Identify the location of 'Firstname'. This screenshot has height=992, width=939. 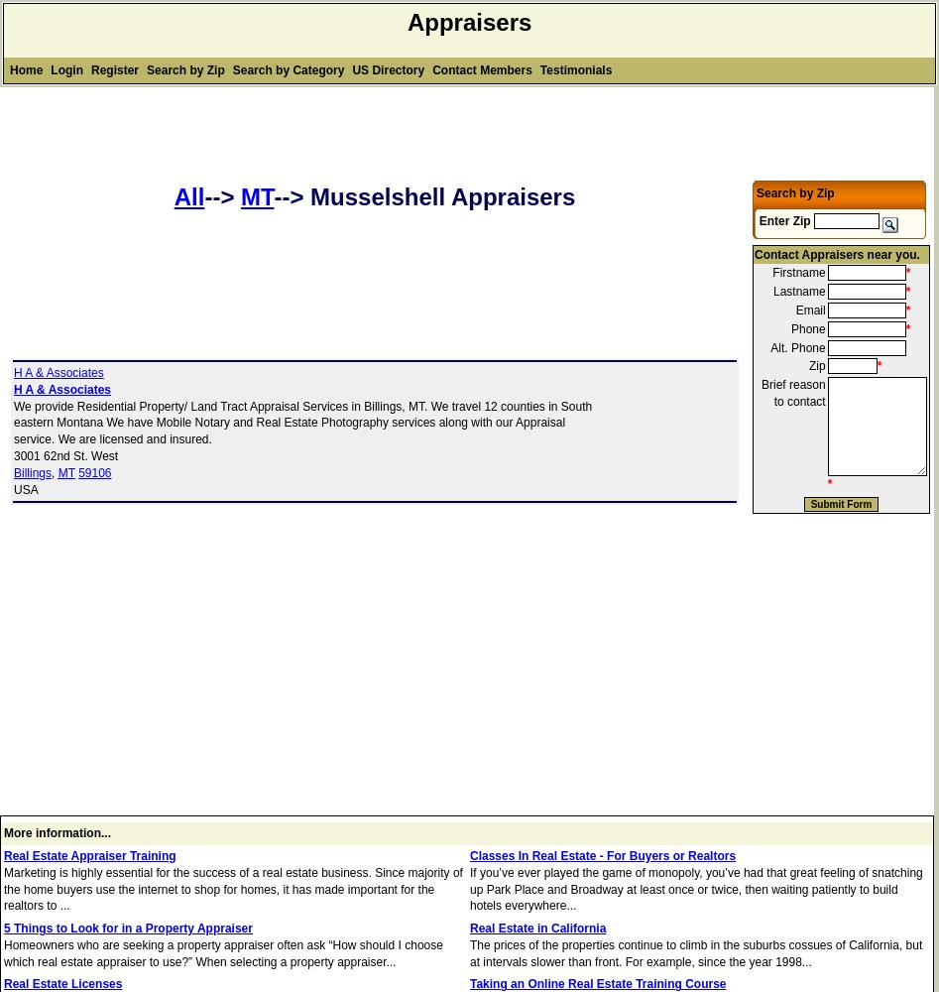
(798, 273).